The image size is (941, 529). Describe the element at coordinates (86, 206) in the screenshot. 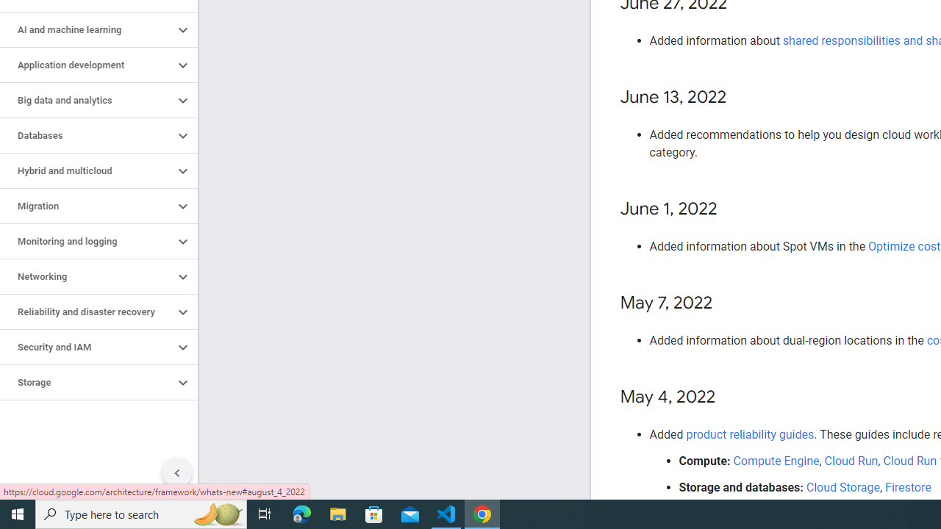

I see `'Migration'` at that location.